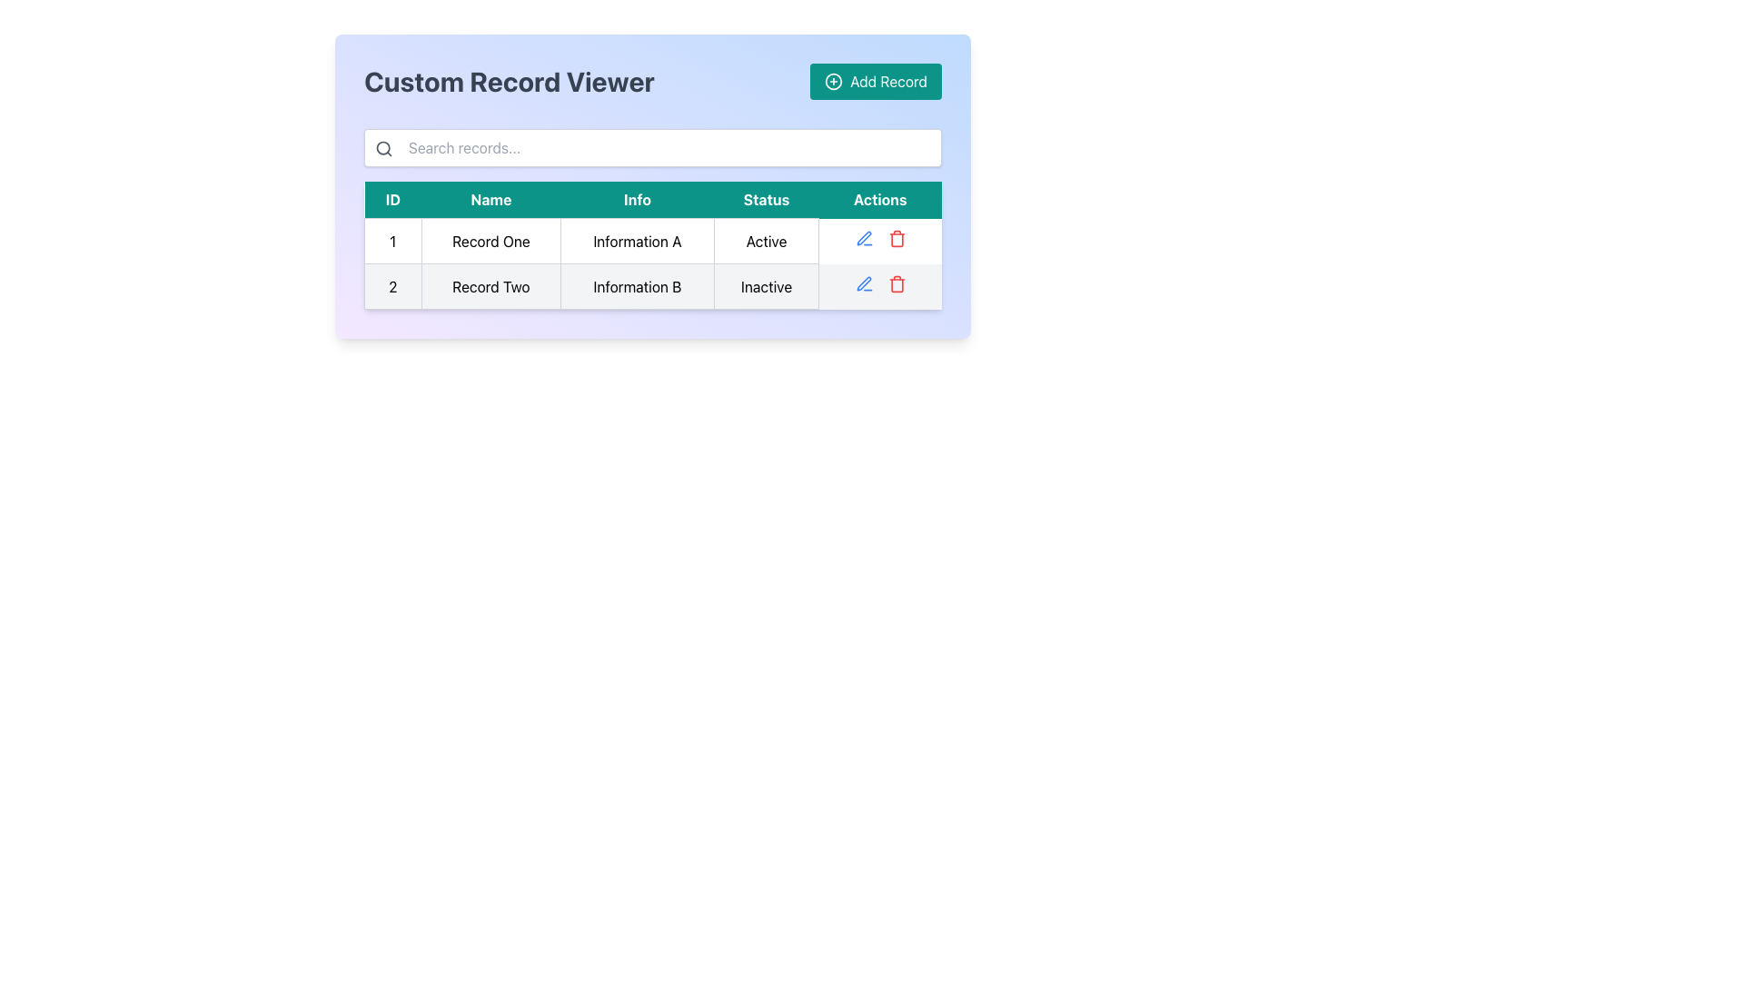  I want to click on the text cell labeled 'Record Two' in the second row of the table under the 'Name' column, so click(490, 286).